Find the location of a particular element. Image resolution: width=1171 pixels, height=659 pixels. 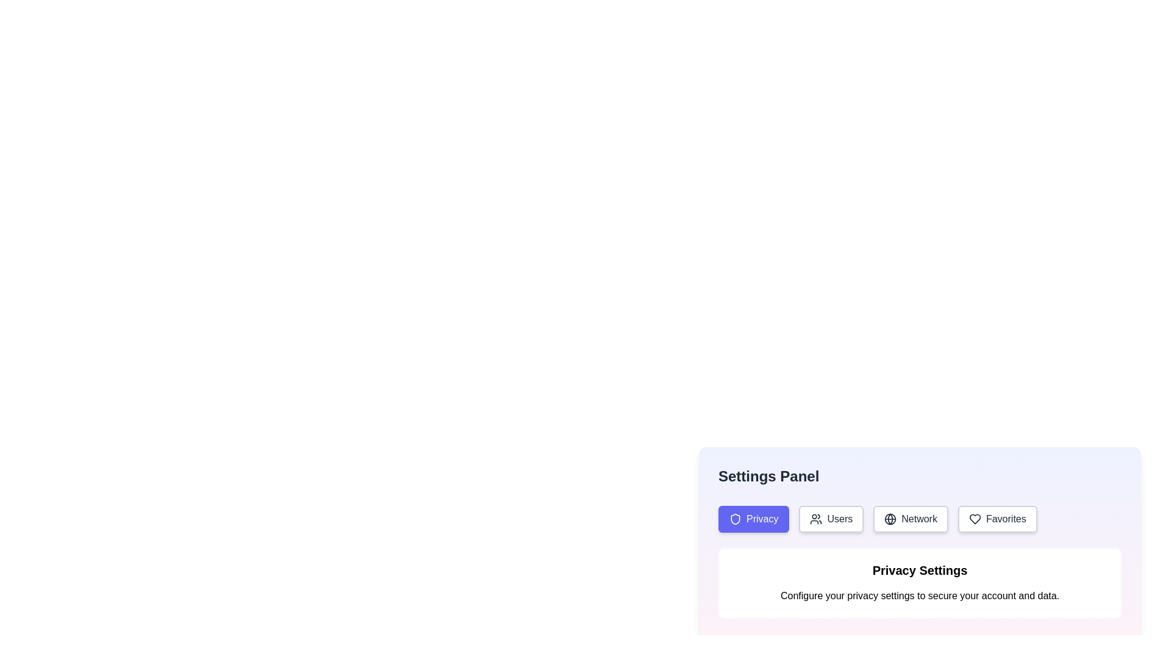

the 'Network' text label within the navigation button located at the top-right section of the settings interface is located at coordinates (919, 519).